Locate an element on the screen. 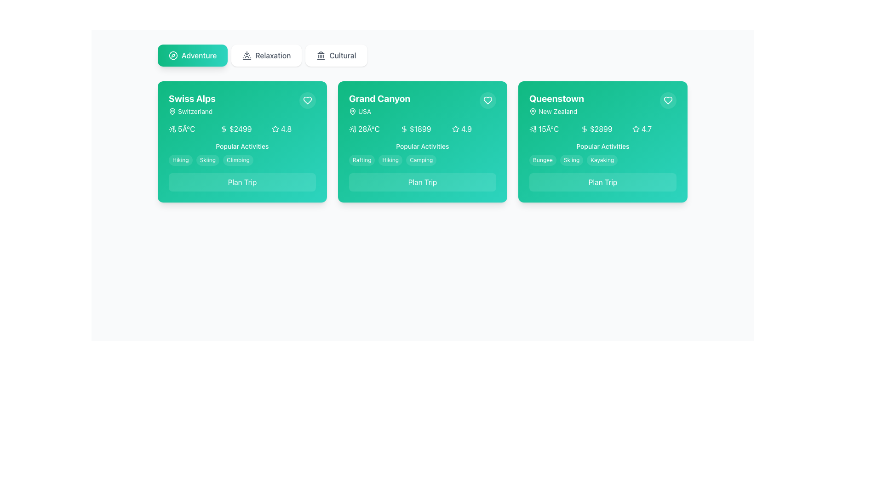  the 'Bungee' tag, which is a pill-shaped label with rounded corners, and contains the text 'Bungee' in a small-sized sans-serif font, located in the 'Popular Activities' section of the card for 'Queenstown' is located at coordinates (543, 159).